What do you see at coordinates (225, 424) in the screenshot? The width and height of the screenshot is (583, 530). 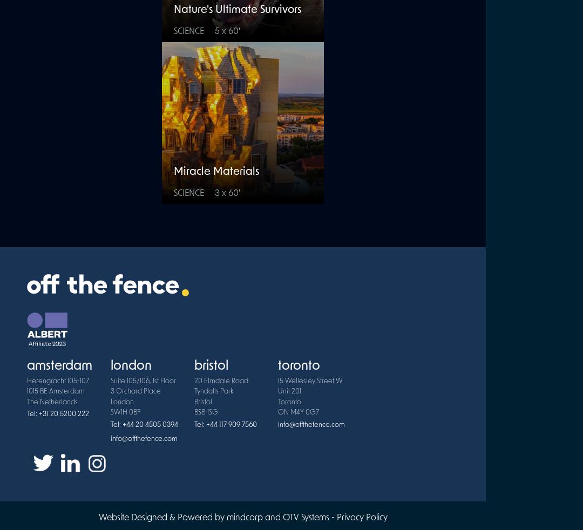 I see `'Tel: +44 117 909 7560'` at bounding box center [225, 424].